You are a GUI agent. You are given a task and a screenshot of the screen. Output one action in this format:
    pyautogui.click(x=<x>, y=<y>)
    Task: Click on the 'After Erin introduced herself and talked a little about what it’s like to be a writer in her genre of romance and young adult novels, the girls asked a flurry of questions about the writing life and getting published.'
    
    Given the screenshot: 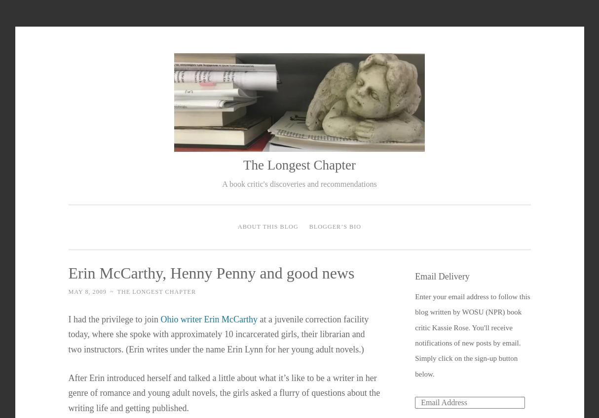 What is the action you would take?
    pyautogui.click(x=224, y=392)
    